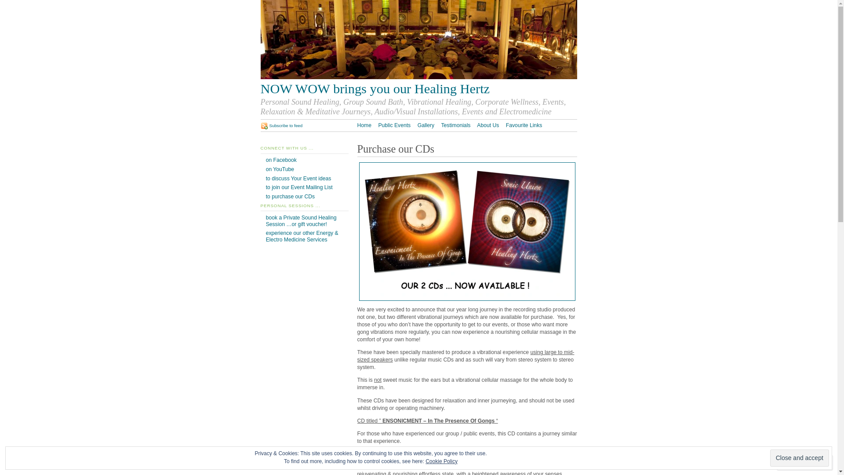 This screenshot has width=844, height=475. What do you see at coordinates (426, 461) in the screenshot?
I see `'Cookie Policy'` at bounding box center [426, 461].